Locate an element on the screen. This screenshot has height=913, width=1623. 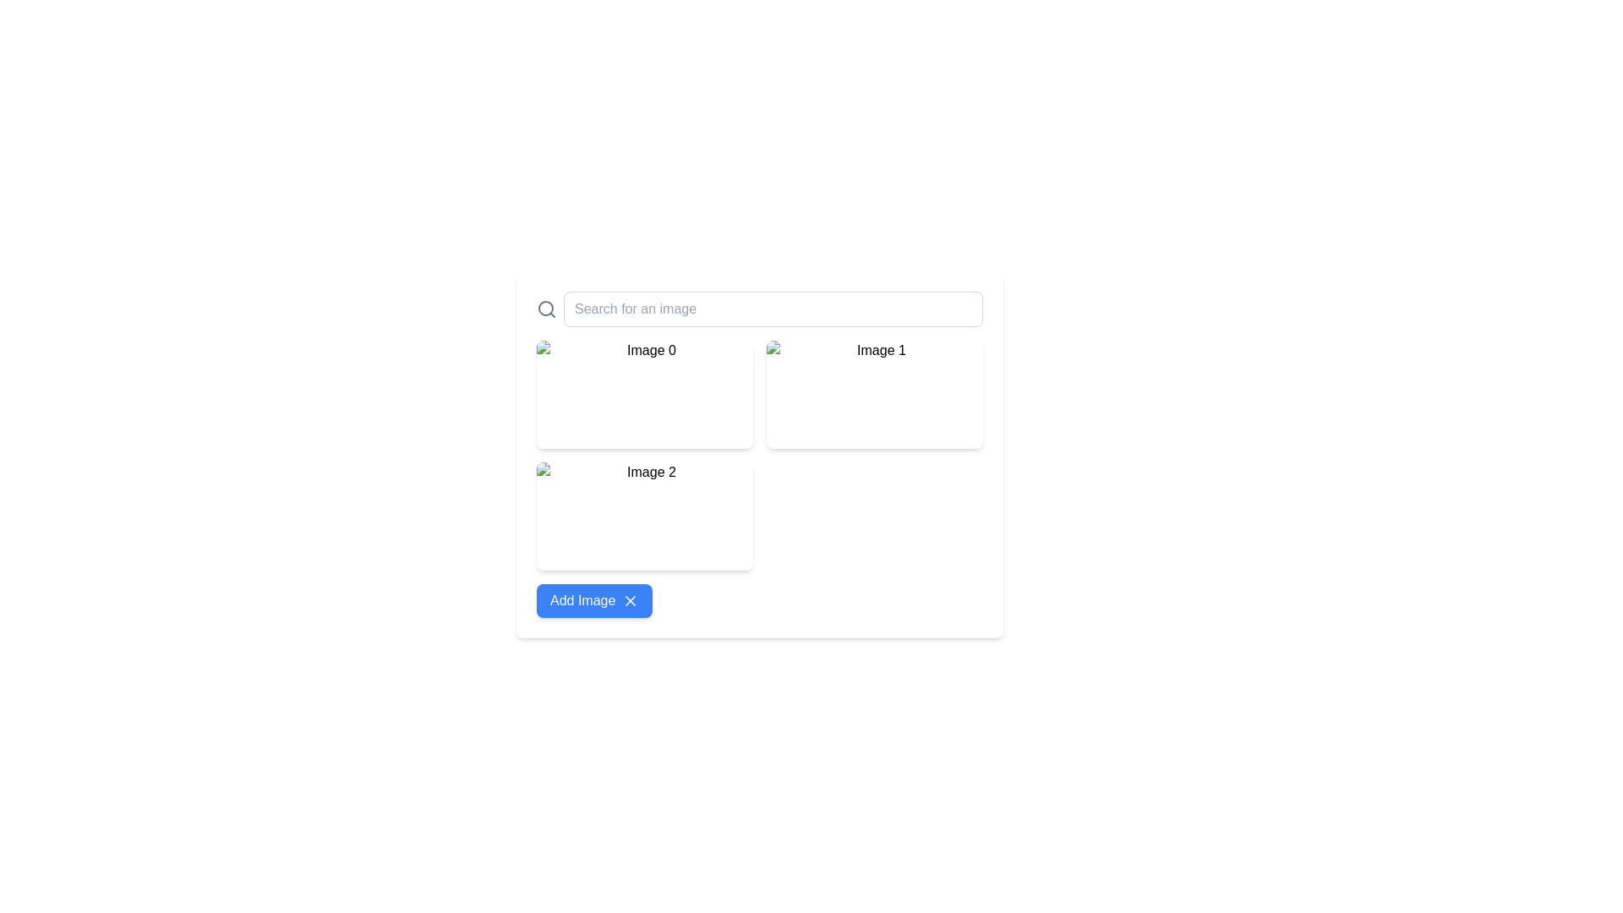
the image placeholder located is located at coordinates (644, 394).